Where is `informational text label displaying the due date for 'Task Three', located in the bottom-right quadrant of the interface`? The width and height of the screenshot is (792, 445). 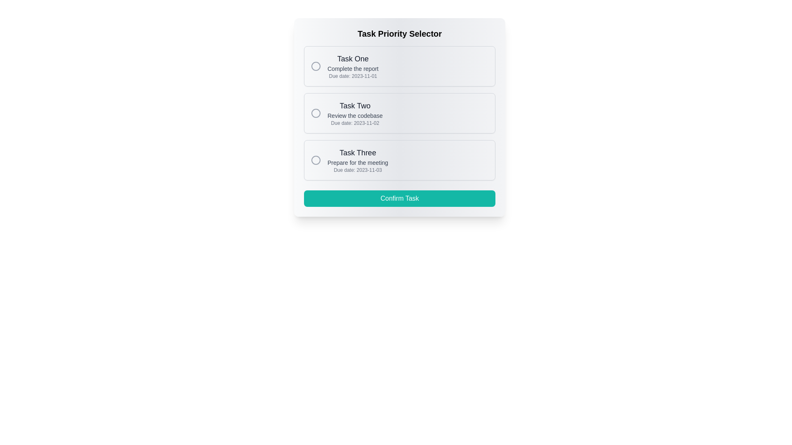 informational text label displaying the due date for 'Task Three', located in the bottom-right quadrant of the interface is located at coordinates (358, 169).